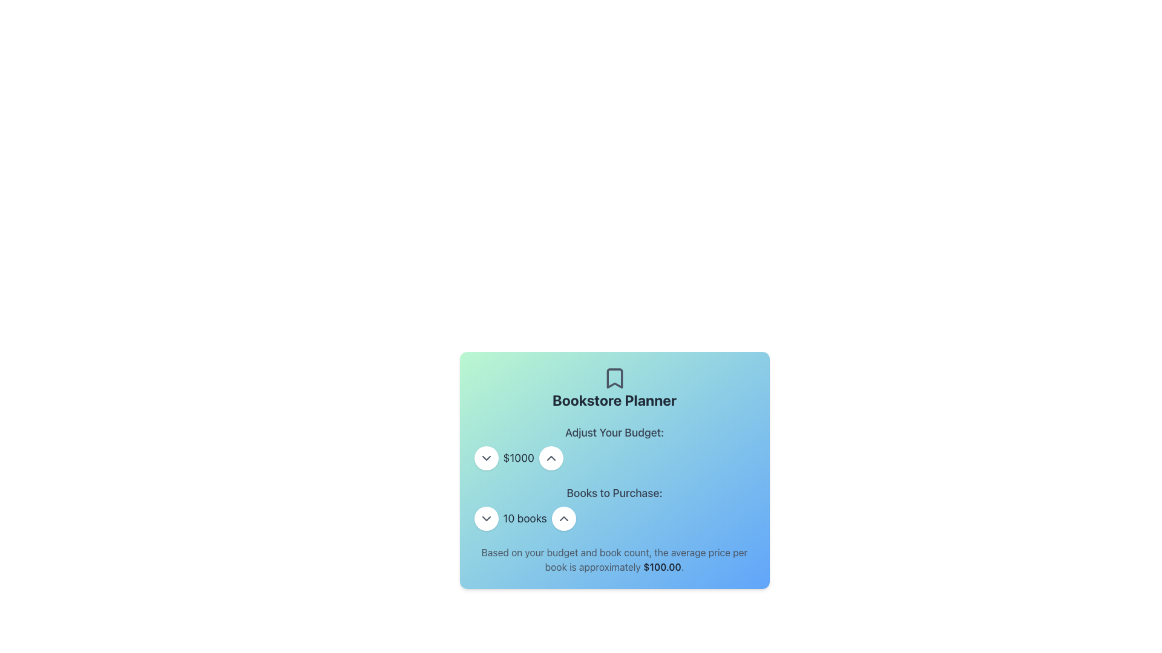  What do you see at coordinates (486, 458) in the screenshot?
I see `the downward-pointing chevron icon using keyboard navigation` at bounding box center [486, 458].